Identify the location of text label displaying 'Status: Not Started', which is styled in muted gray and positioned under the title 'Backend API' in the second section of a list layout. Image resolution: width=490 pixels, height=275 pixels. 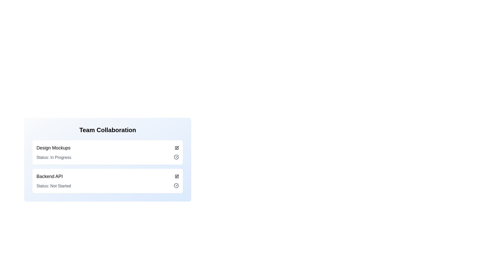
(54, 186).